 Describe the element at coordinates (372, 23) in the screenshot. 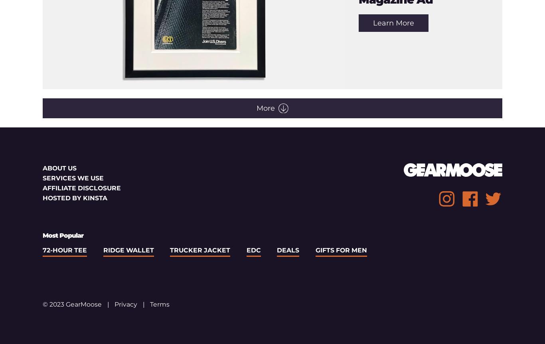

I see `'Learn More'` at that location.